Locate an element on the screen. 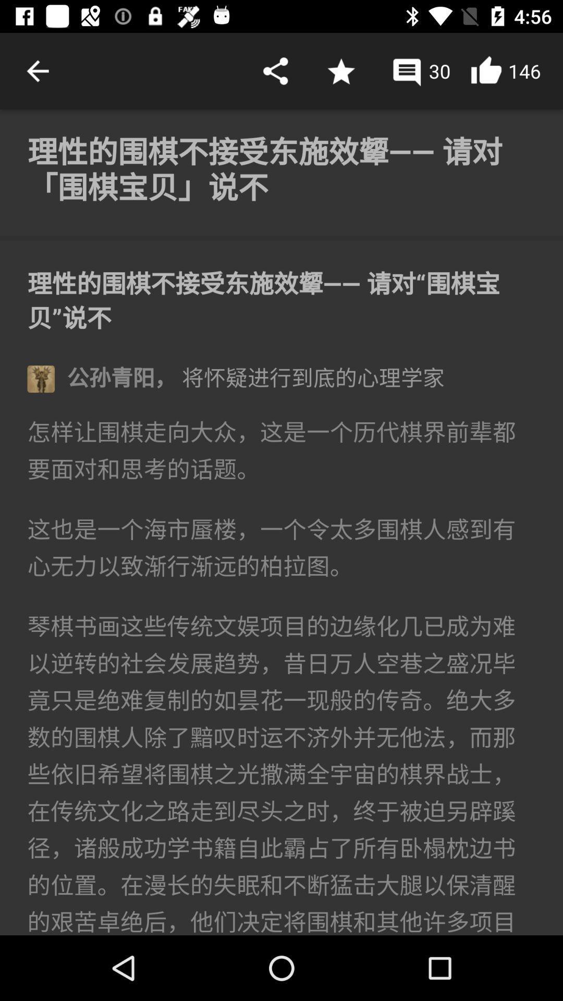  favorite is located at coordinates (341, 70).